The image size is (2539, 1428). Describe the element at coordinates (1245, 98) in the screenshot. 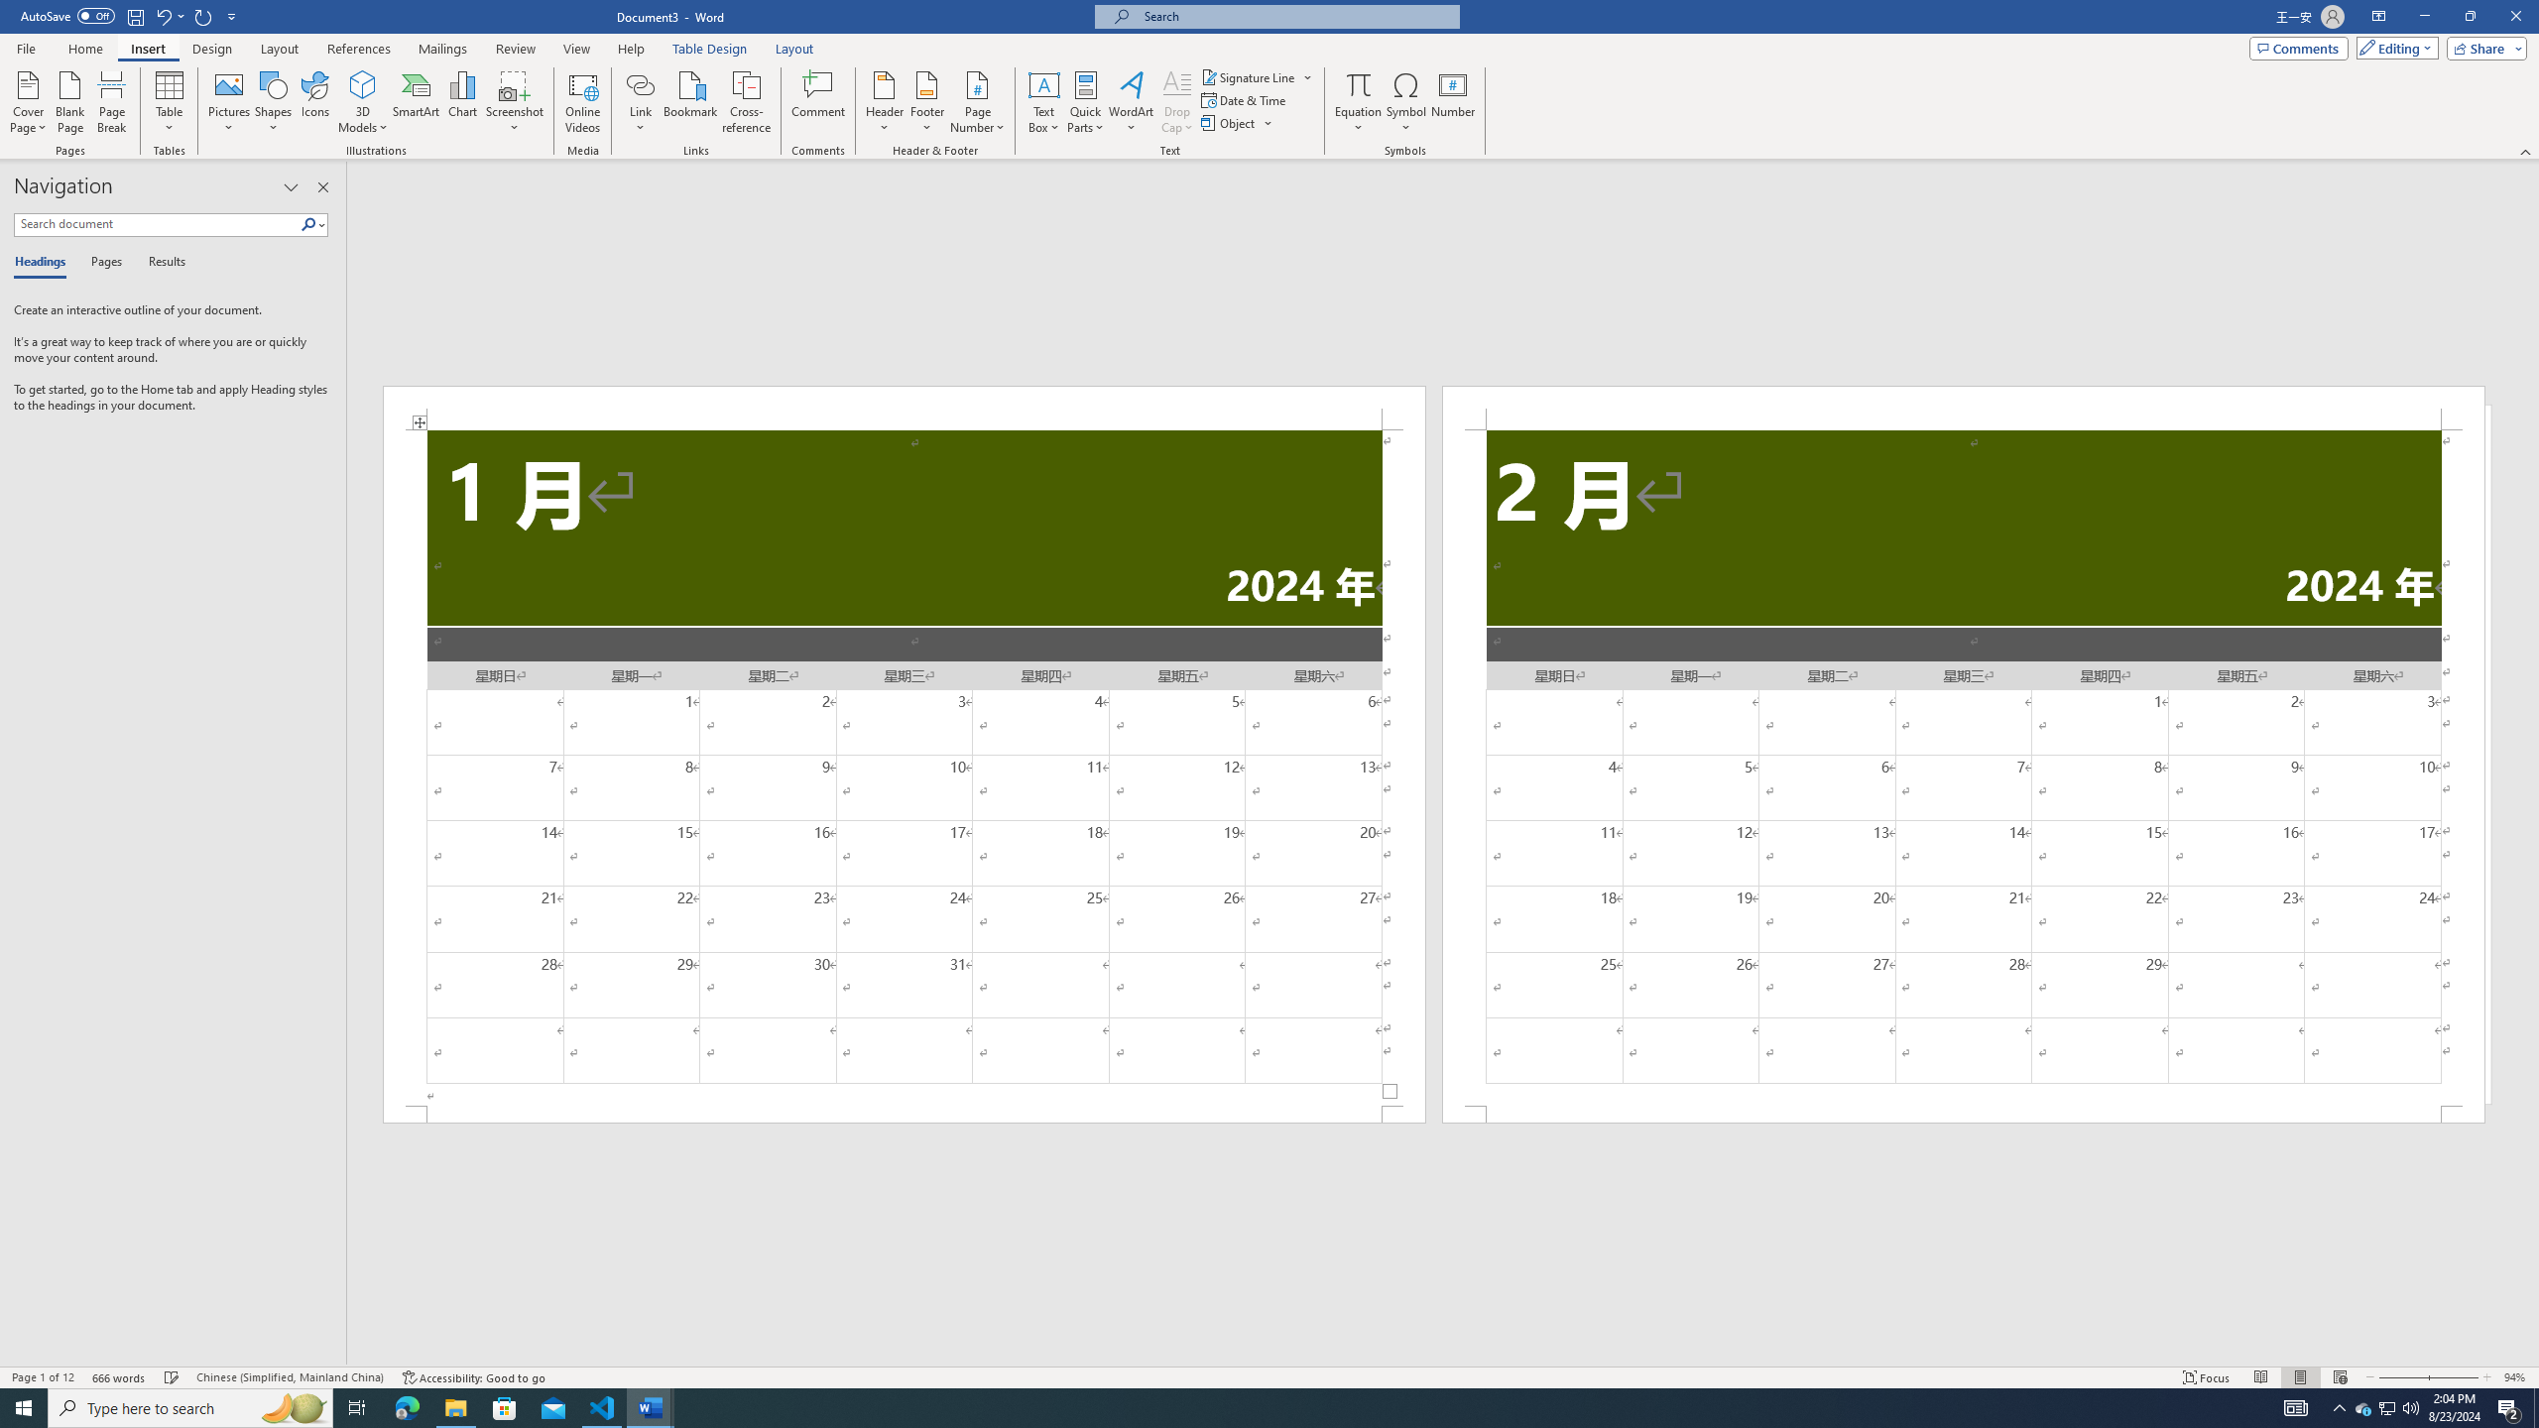

I see `'Date & Time...'` at that location.